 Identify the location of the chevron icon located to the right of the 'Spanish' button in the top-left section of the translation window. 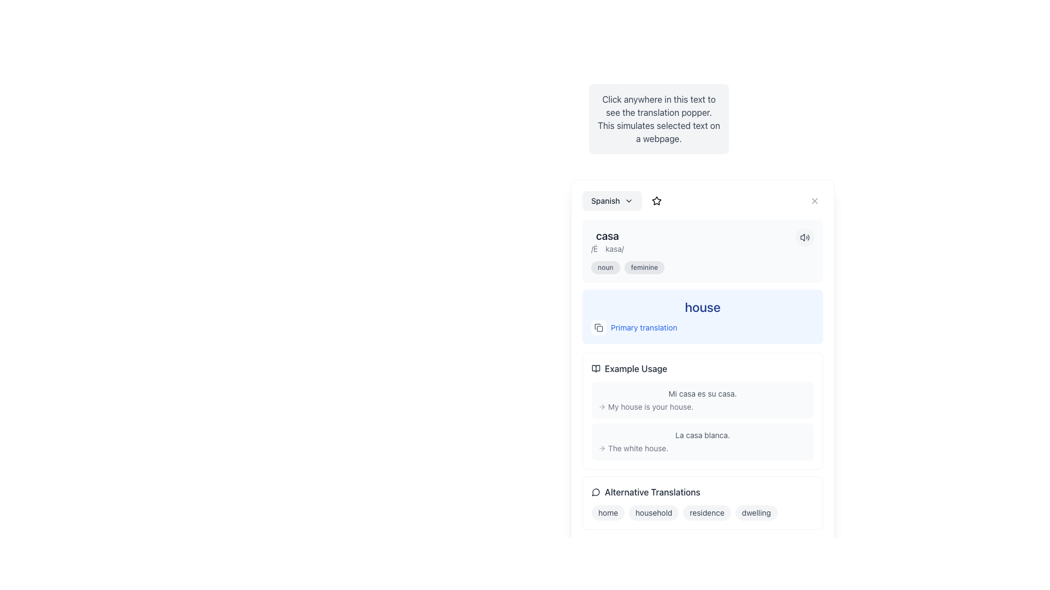
(628, 200).